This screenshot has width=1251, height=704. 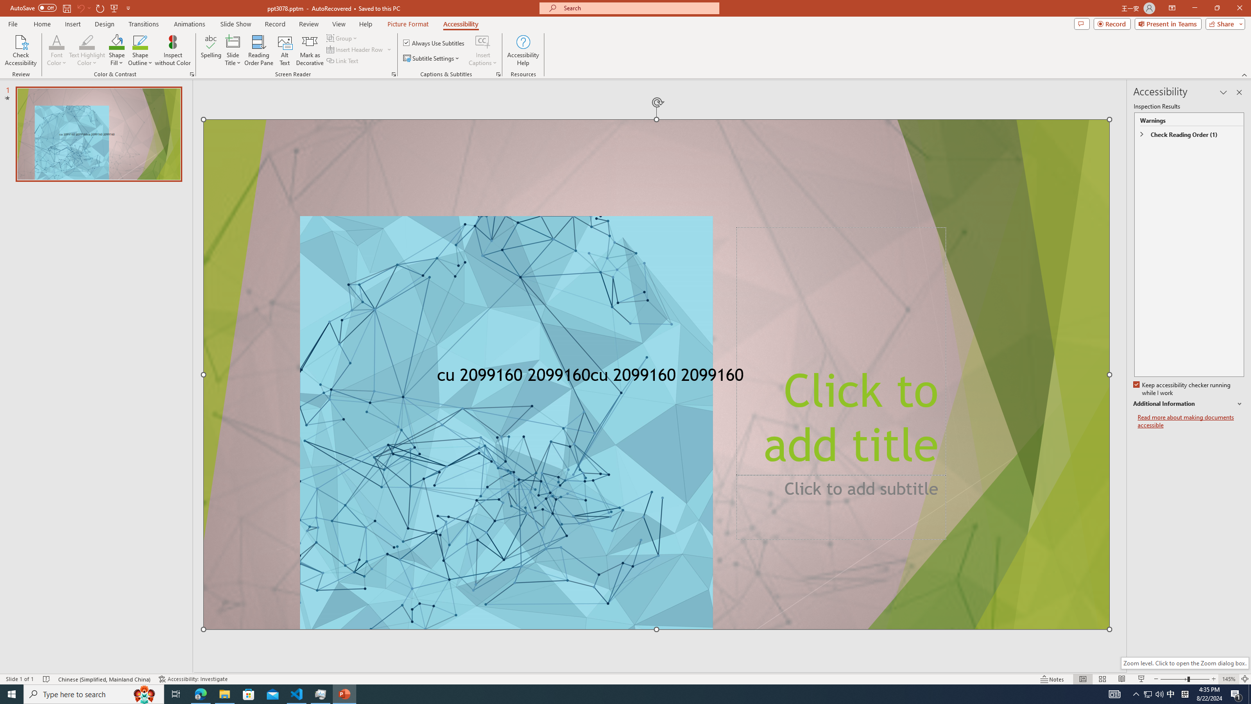 What do you see at coordinates (284, 50) in the screenshot?
I see `'Alt Text'` at bounding box center [284, 50].